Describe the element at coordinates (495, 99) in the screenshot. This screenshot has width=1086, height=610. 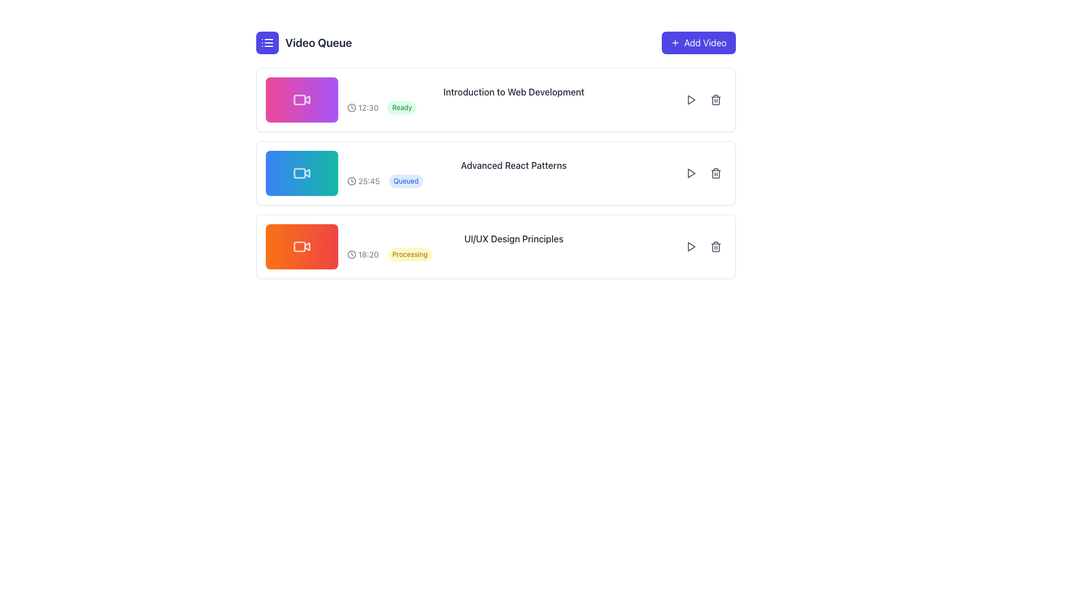
I see `details presented on the first informational card in the 'Video Queue' section, which includes the video's title, duration, and current status` at that location.